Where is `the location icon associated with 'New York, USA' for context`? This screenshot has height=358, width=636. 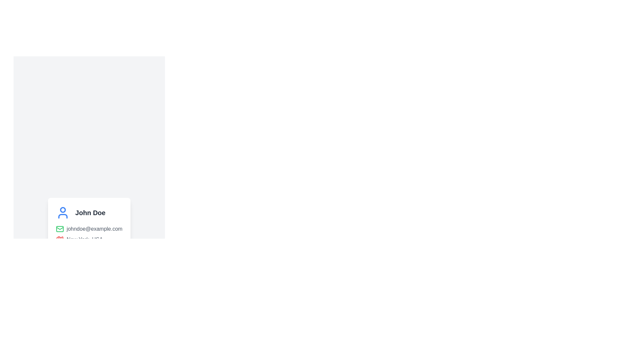
the location icon associated with 'New York, USA' for context is located at coordinates (60, 239).